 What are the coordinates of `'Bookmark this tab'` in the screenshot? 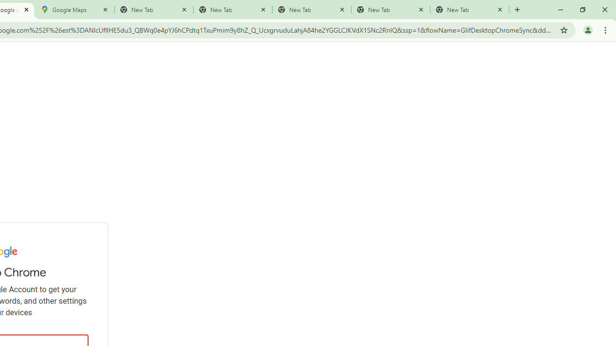 It's located at (564, 29).